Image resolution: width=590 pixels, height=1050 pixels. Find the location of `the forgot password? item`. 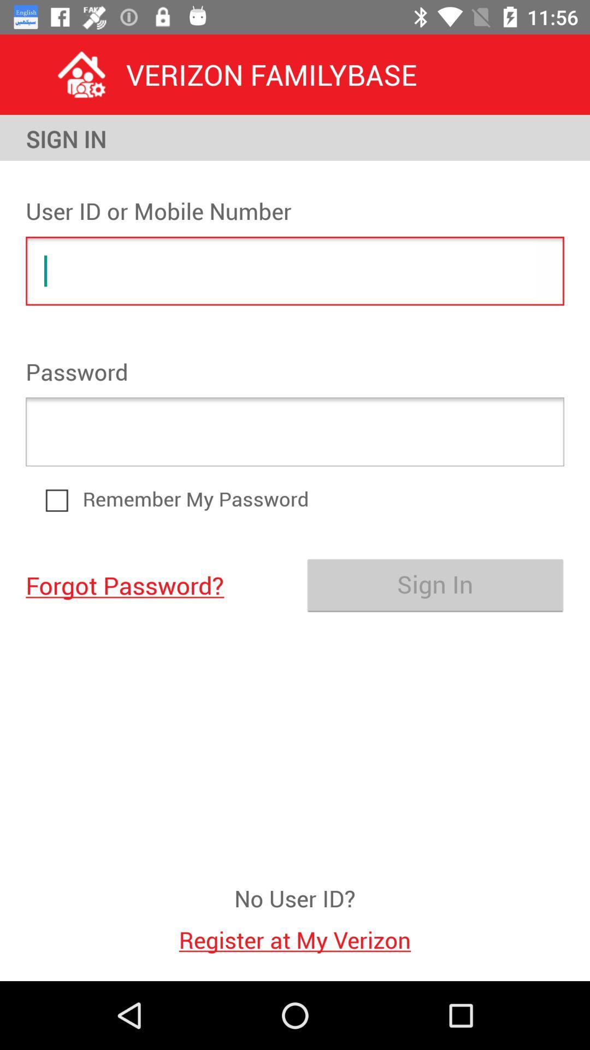

the forgot password? item is located at coordinates (155, 584).